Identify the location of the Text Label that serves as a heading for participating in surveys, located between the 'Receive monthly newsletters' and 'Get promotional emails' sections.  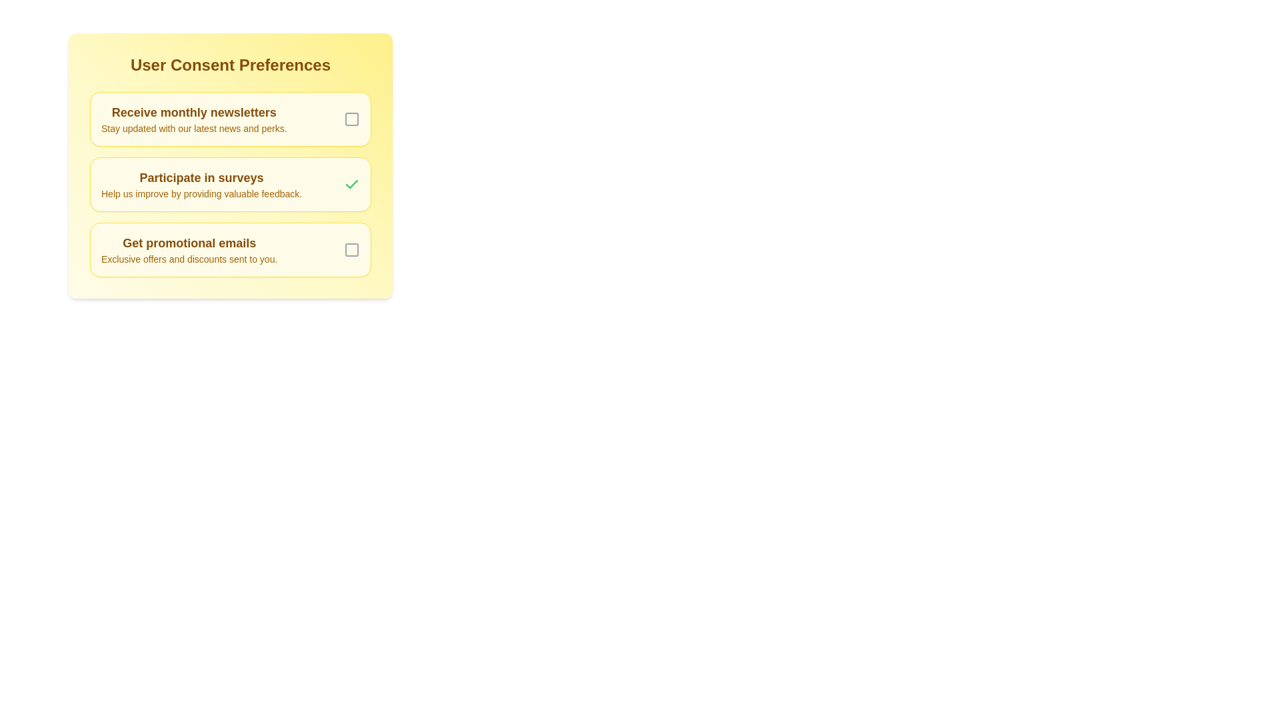
(201, 177).